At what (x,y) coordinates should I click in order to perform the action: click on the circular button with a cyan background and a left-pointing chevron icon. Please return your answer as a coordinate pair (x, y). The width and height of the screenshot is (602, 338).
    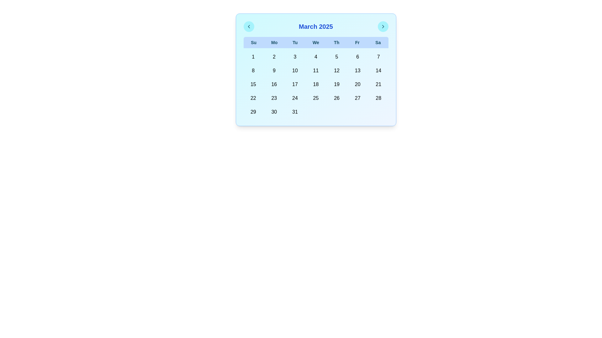
    Looking at the image, I should click on (248, 26).